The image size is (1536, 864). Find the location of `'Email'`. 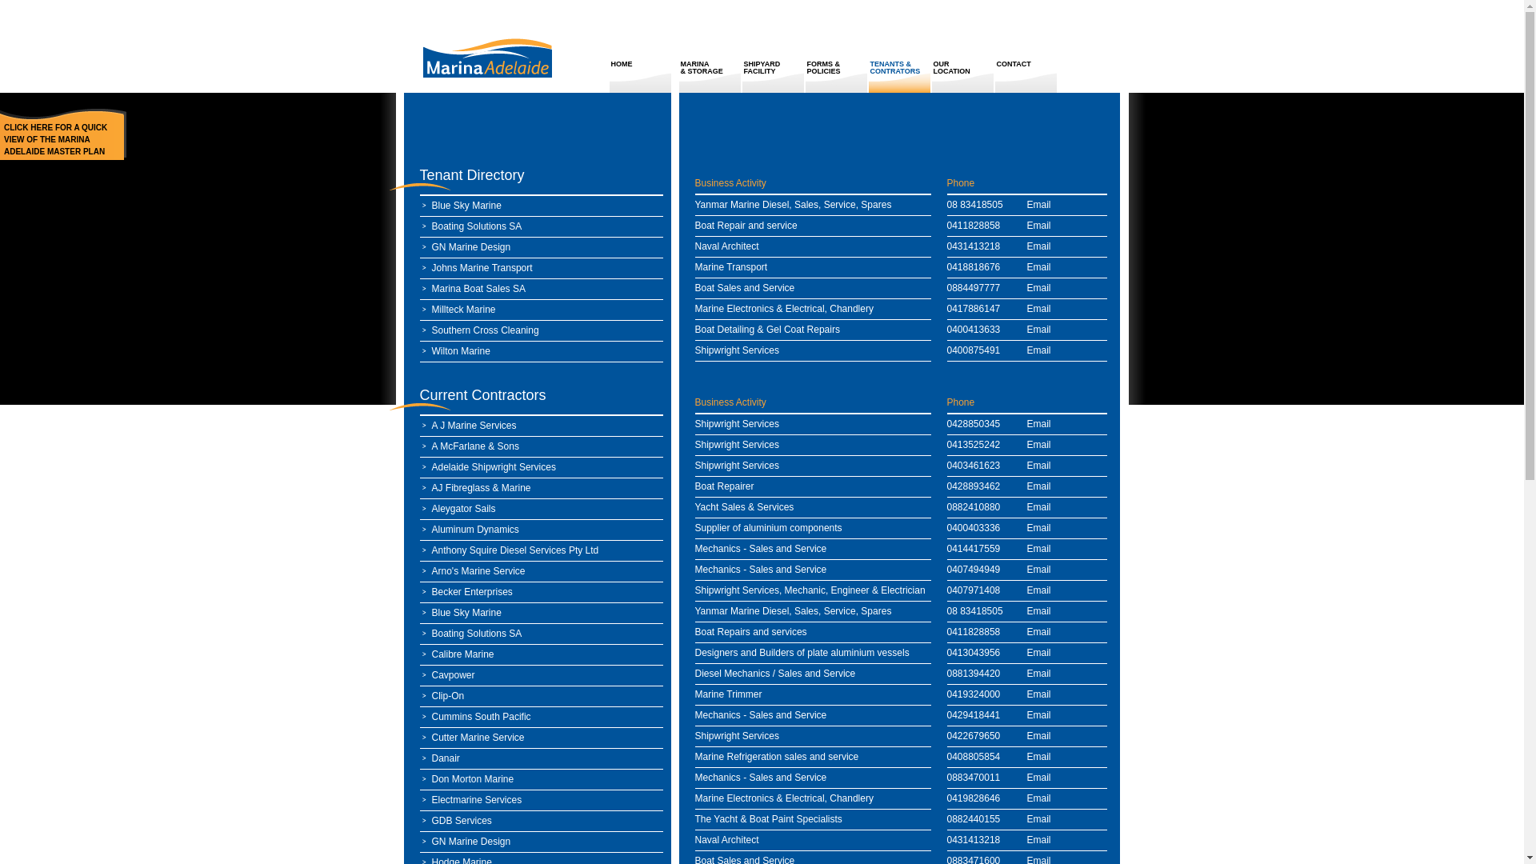

'Email' is located at coordinates (1039, 777).